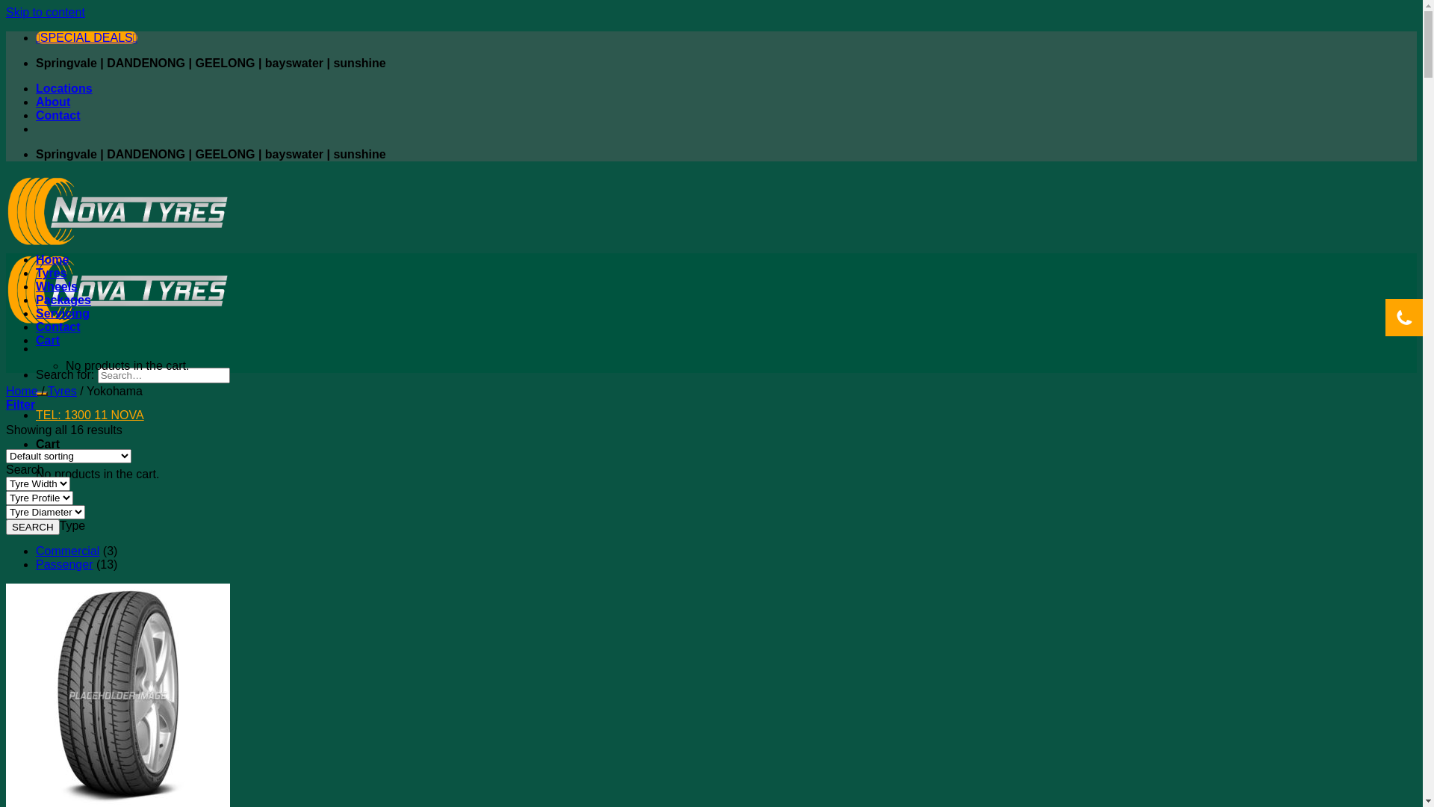  I want to click on 'Wheels', so click(36, 286).